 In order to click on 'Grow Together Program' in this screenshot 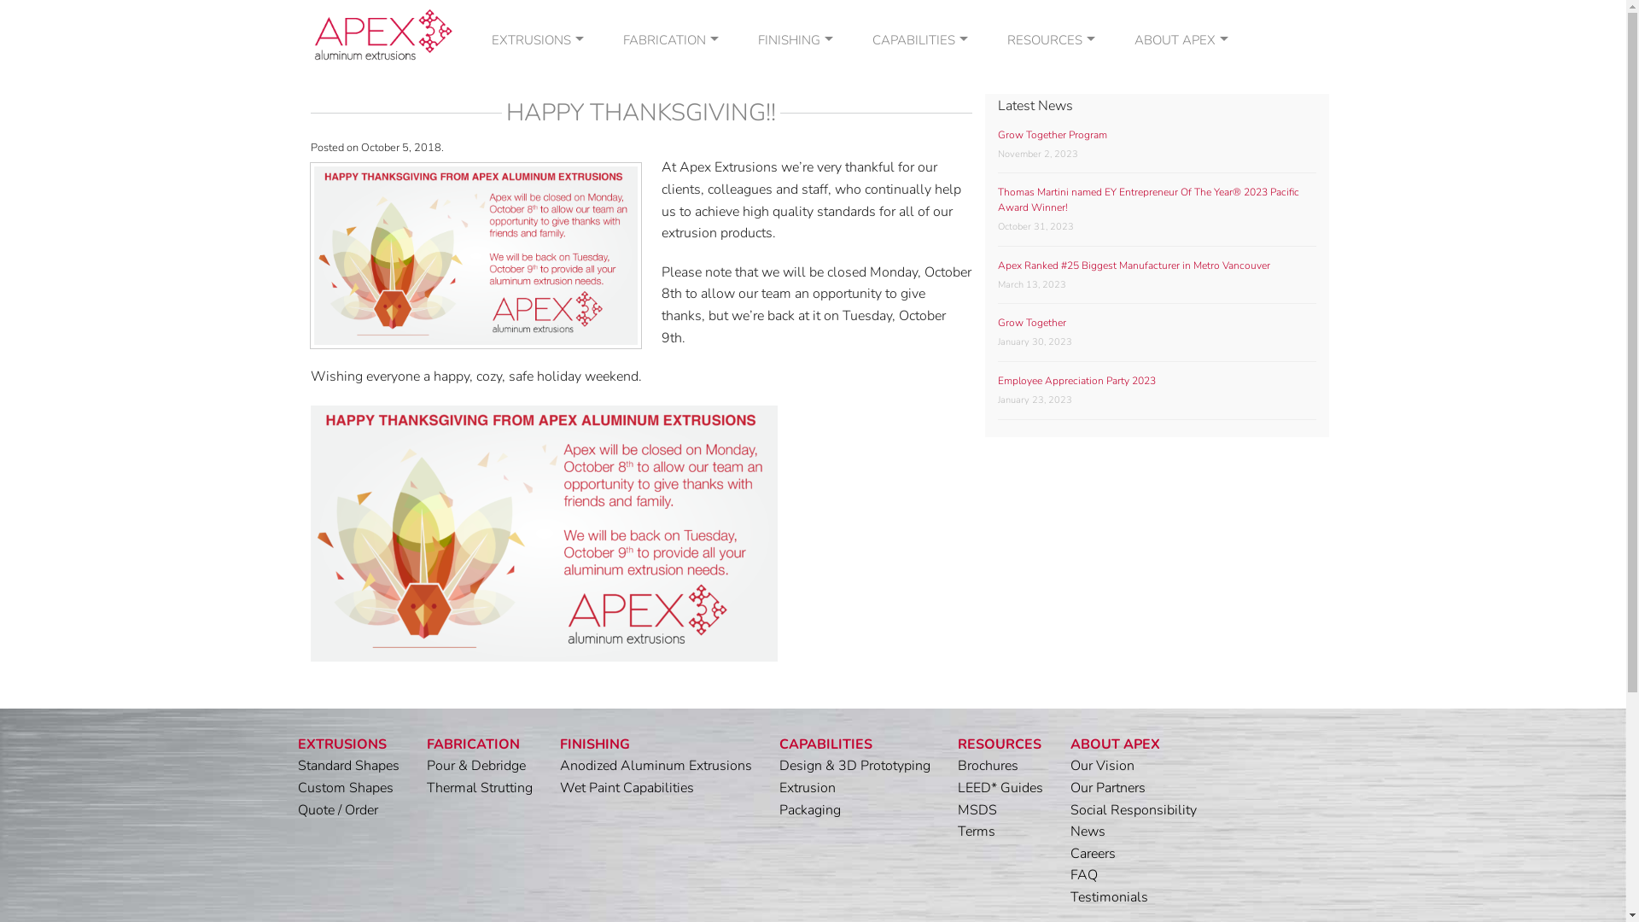, I will do `click(1052, 134)`.